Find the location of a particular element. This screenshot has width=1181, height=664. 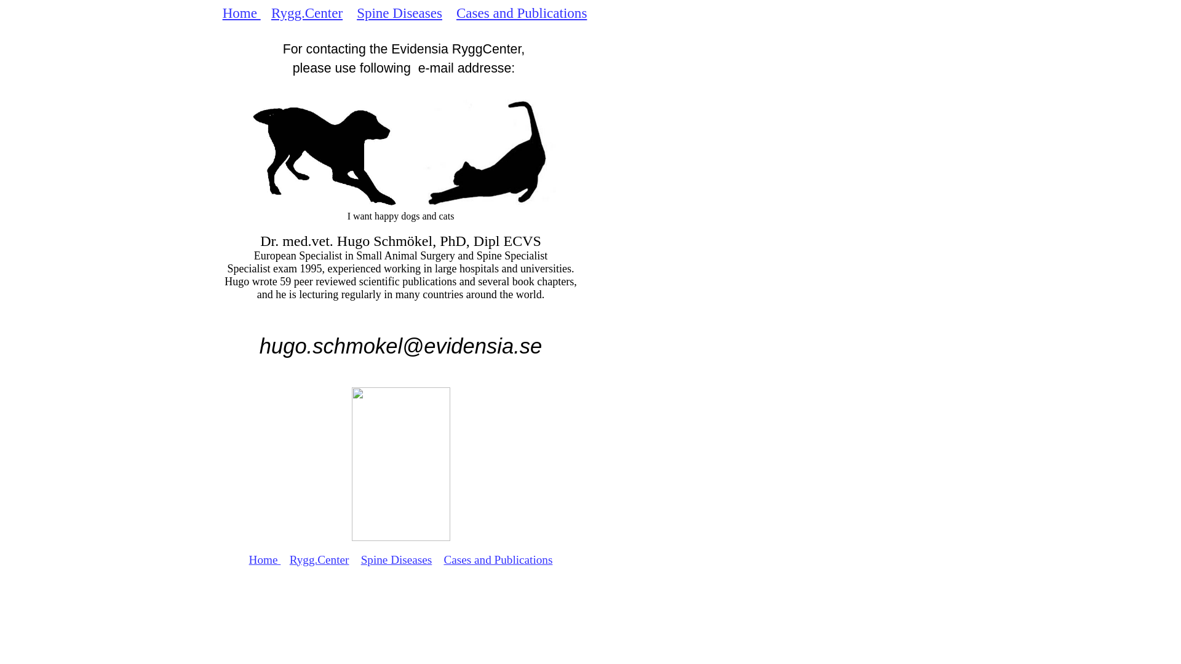

'Home' is located at coordinates (242, 12).